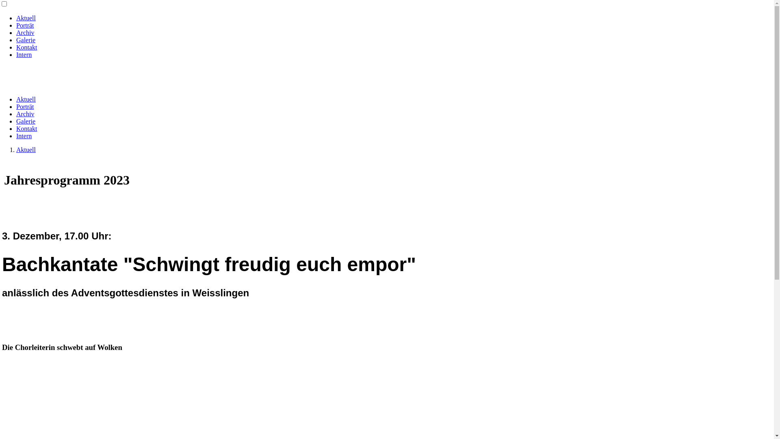  What do you see at coordinates (26, 40) in the screenshot?
I see `'Galerie'` at bounding box center [26, 40].